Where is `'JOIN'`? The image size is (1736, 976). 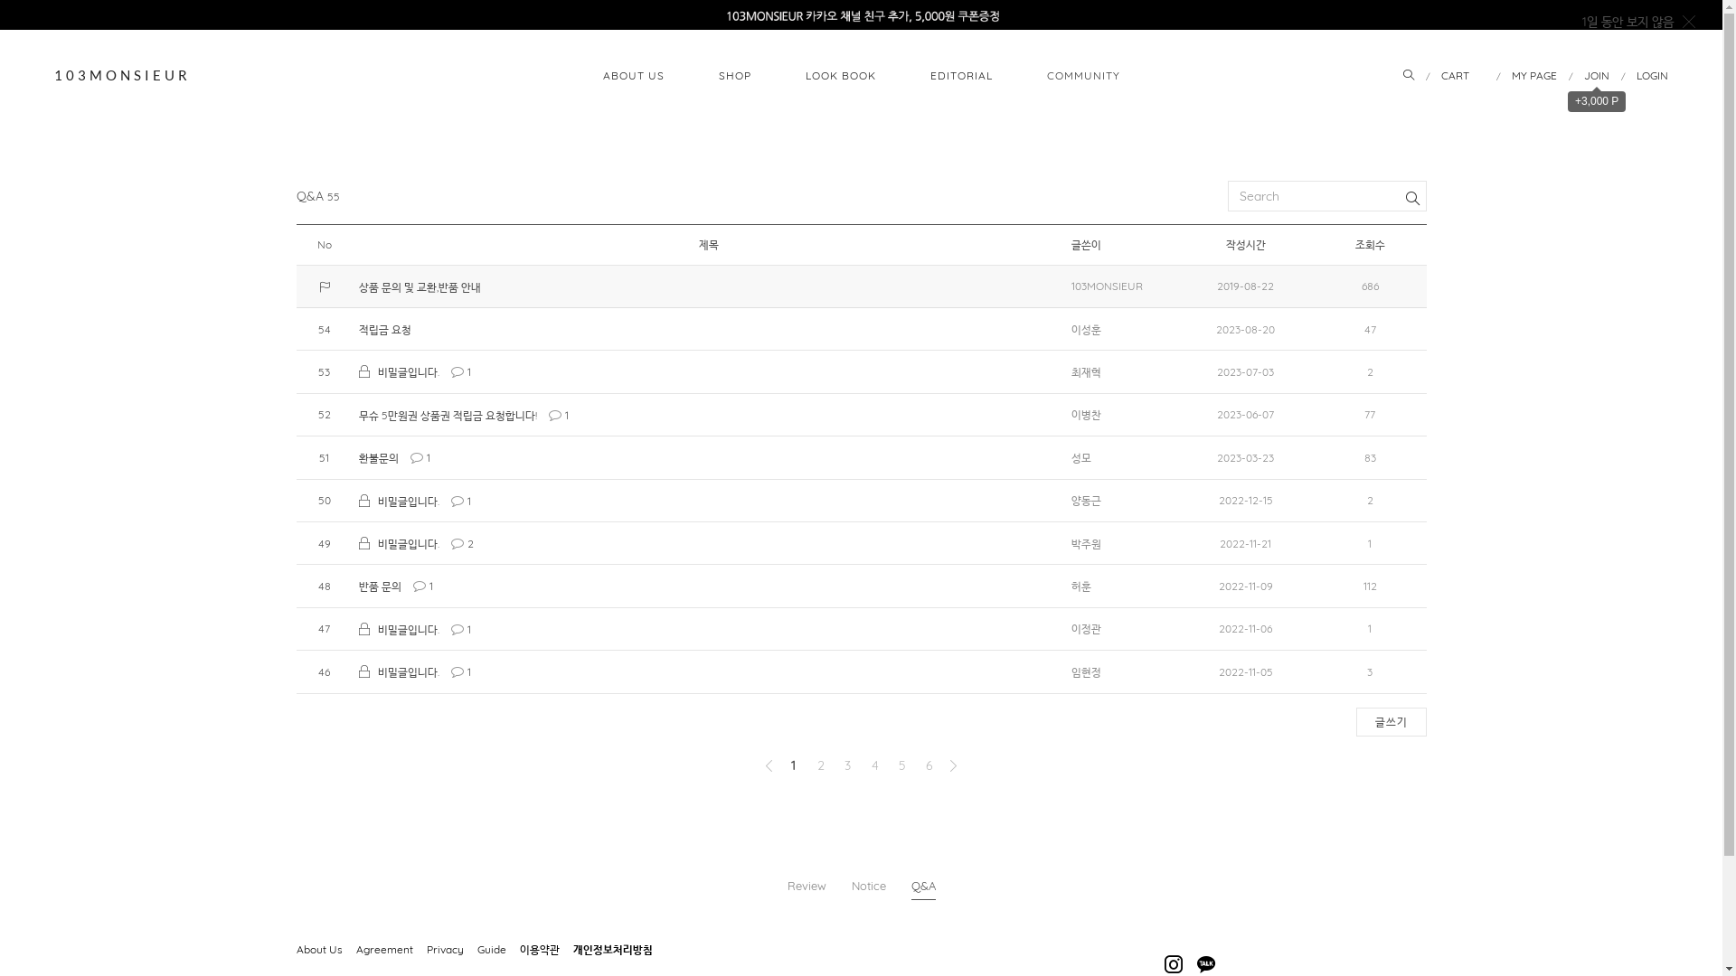
'JOIN' is located at coordinates (1597, 74).